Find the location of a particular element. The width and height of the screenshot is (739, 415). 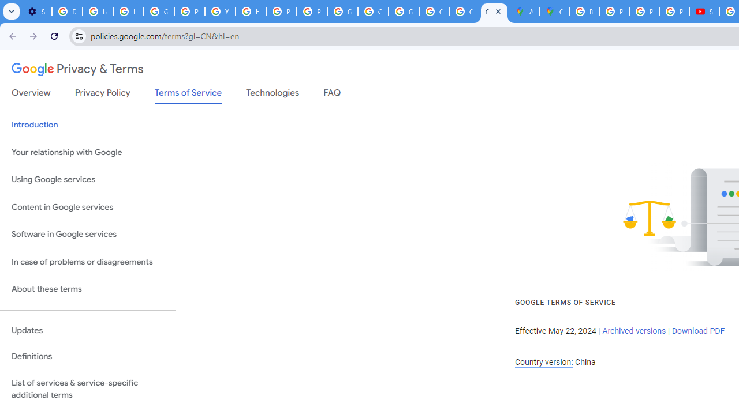

'Learn how to find your photos - Google Photos Help' is located at coordinates (98, 12).